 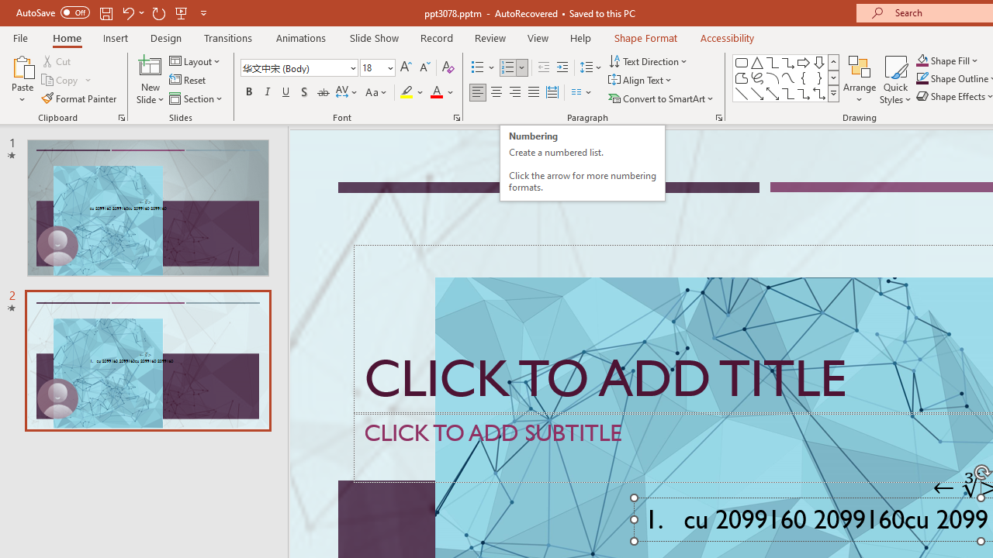 I want to click on 'Line Arrow', so click(x=757, y=93).